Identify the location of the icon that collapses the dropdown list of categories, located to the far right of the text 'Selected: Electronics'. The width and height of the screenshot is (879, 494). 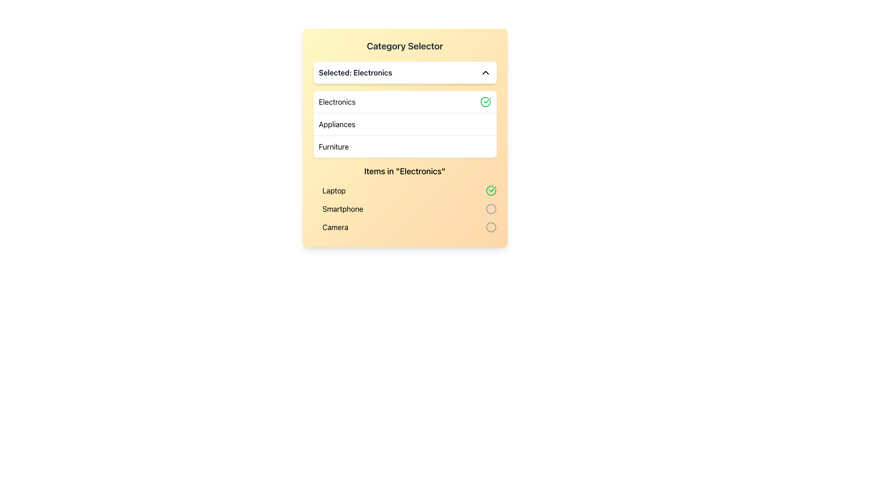
(485, 72).